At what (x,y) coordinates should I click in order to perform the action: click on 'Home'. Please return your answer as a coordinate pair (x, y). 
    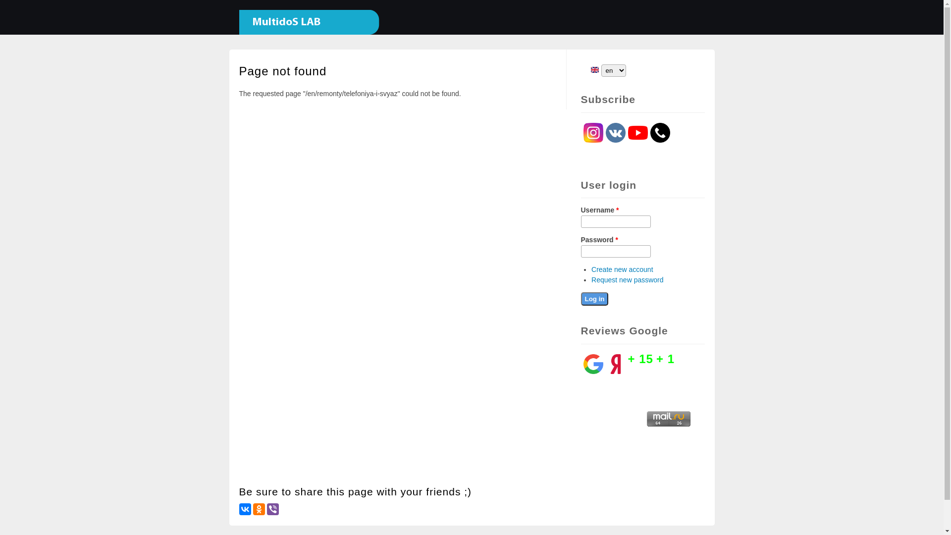
    Looking at the image, I should click on (304, 30).